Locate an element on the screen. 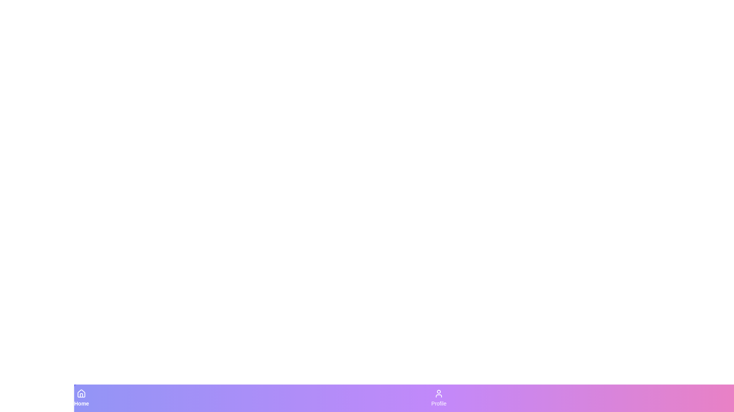 The height and width of the screenshot is (412, 734). the Profile navigation item to change the active view is located at coordinates (438, 398).